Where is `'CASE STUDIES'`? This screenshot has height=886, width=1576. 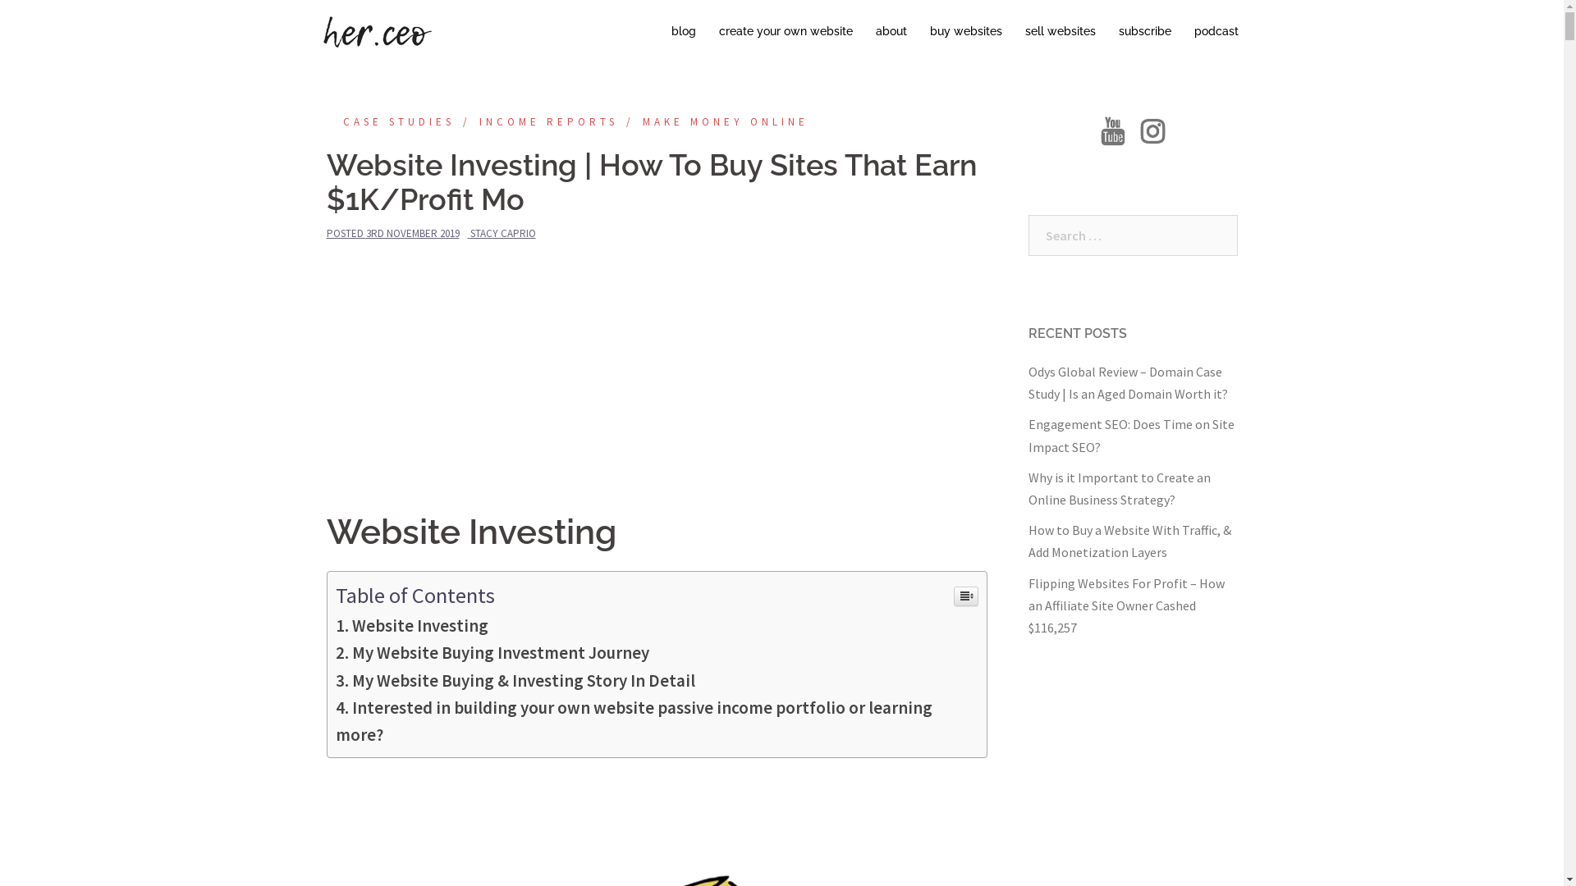
'CASE STUDIES' is located at coordinates (389, 121).